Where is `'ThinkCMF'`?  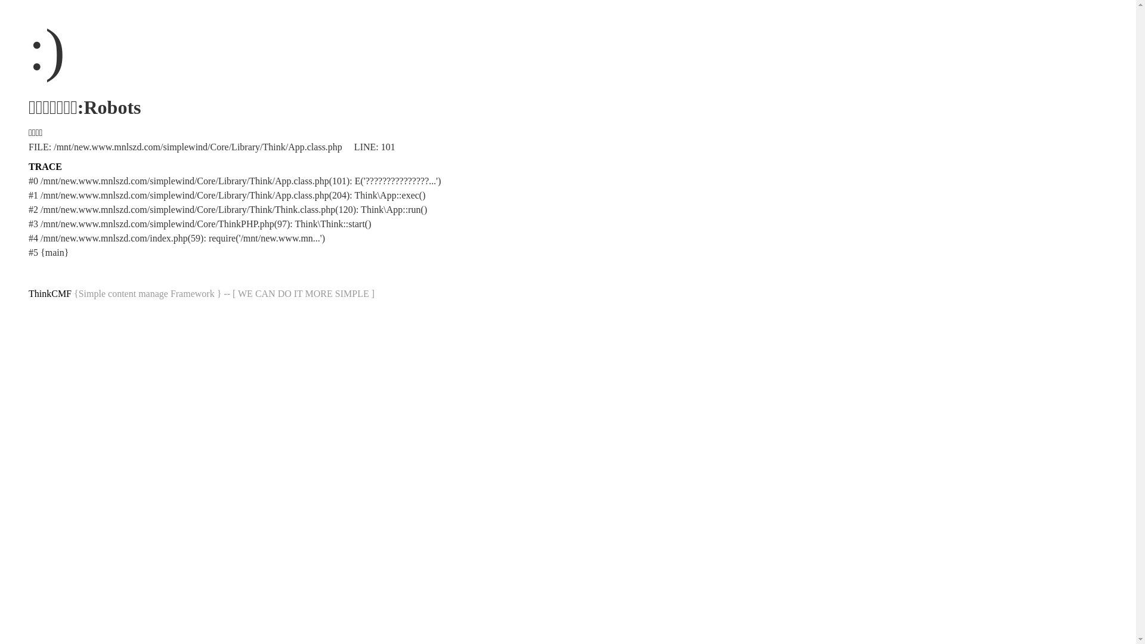
'ThinkCMF' is located at coordinates (49, 293).